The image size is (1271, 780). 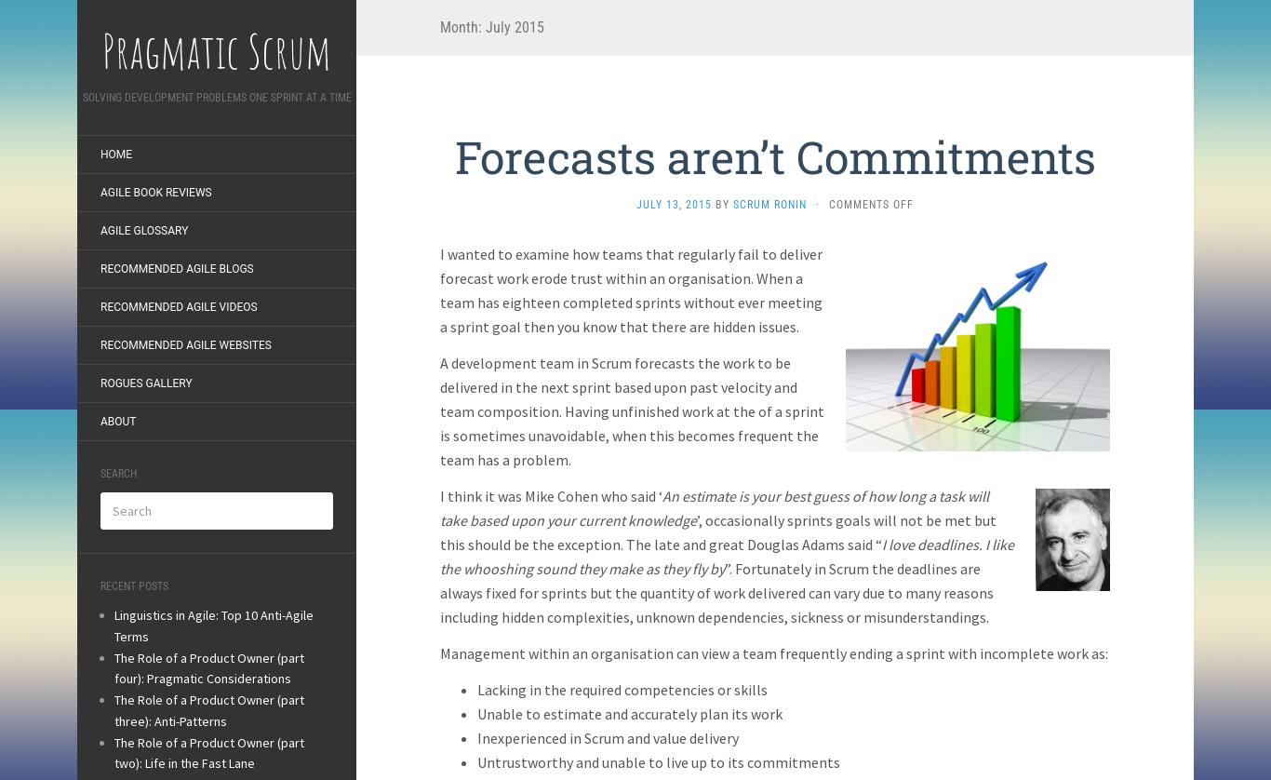 What do you see at coordinates (143, 229) in the screenshot?
I see `'Agile Glossary'` at bounding box center [143, 229].